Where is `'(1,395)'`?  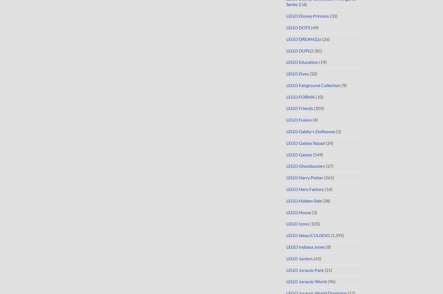
'(1,395)' is located at coordinates (336, 235).